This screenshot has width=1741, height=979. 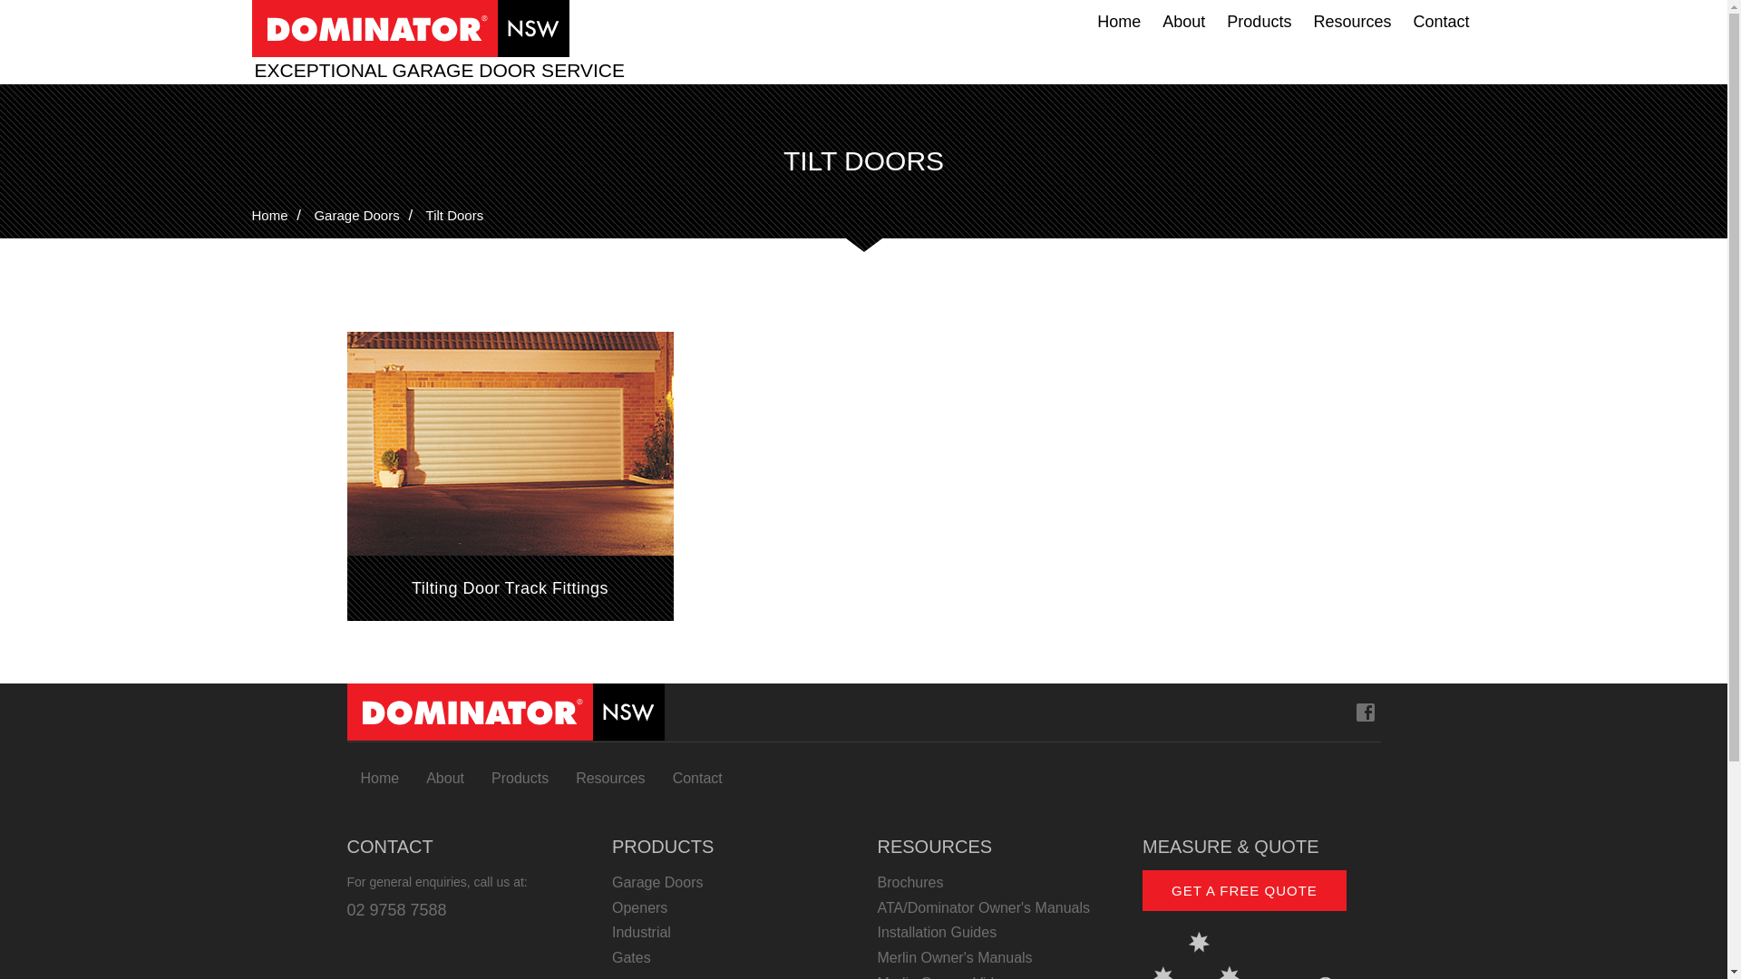 I want to click on 'Home', so click(x=251, y=214).